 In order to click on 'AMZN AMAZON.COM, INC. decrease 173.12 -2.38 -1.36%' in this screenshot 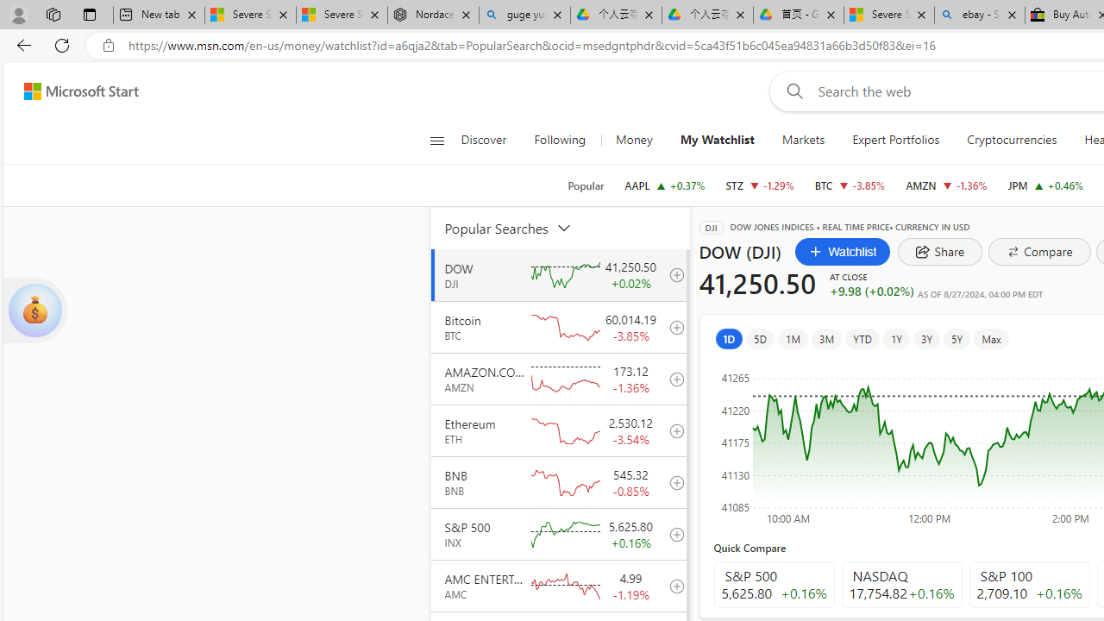, I will do `click(945, 185)`.